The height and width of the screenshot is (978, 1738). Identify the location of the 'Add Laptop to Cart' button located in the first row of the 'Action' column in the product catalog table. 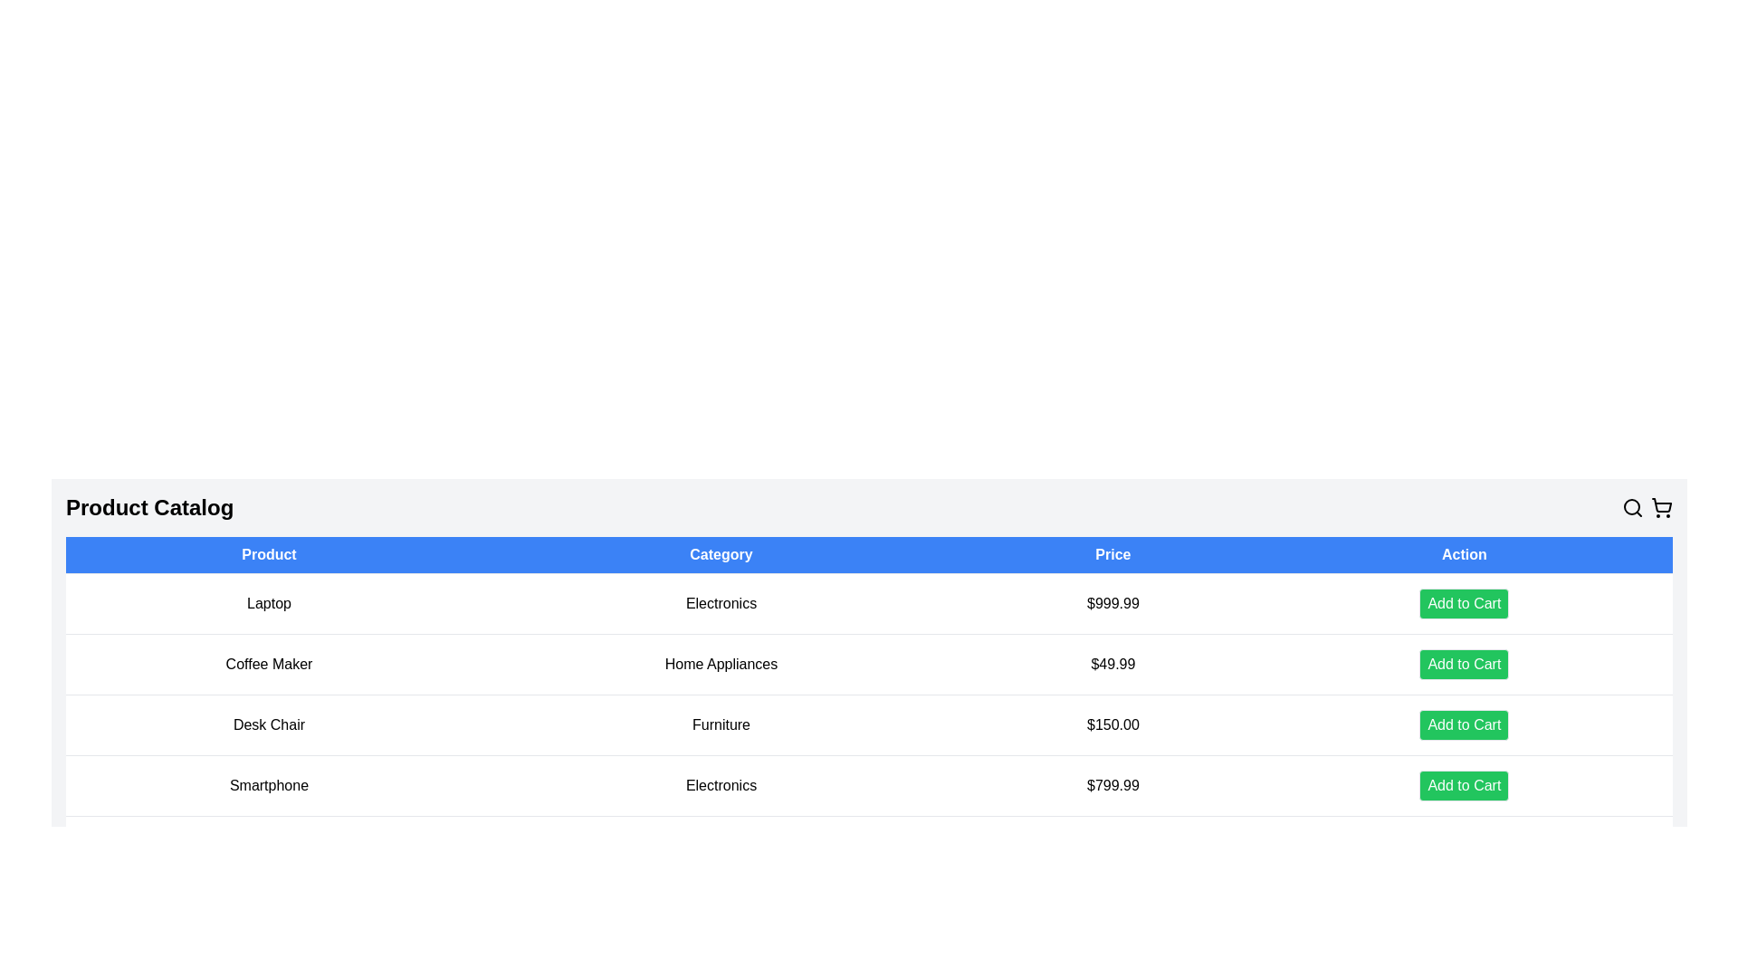
(1464, 604).